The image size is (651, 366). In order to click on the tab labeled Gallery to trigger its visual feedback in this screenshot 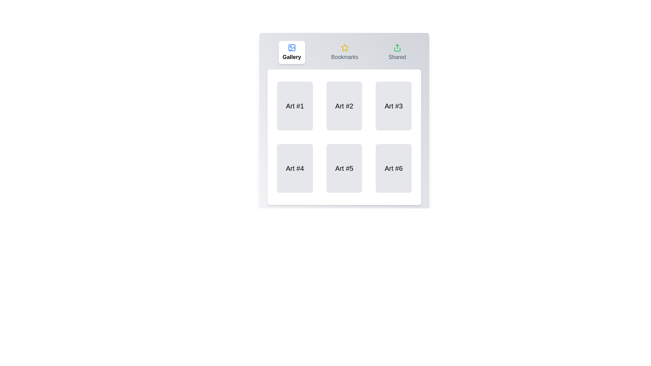, I will do `click(292, 52)`.